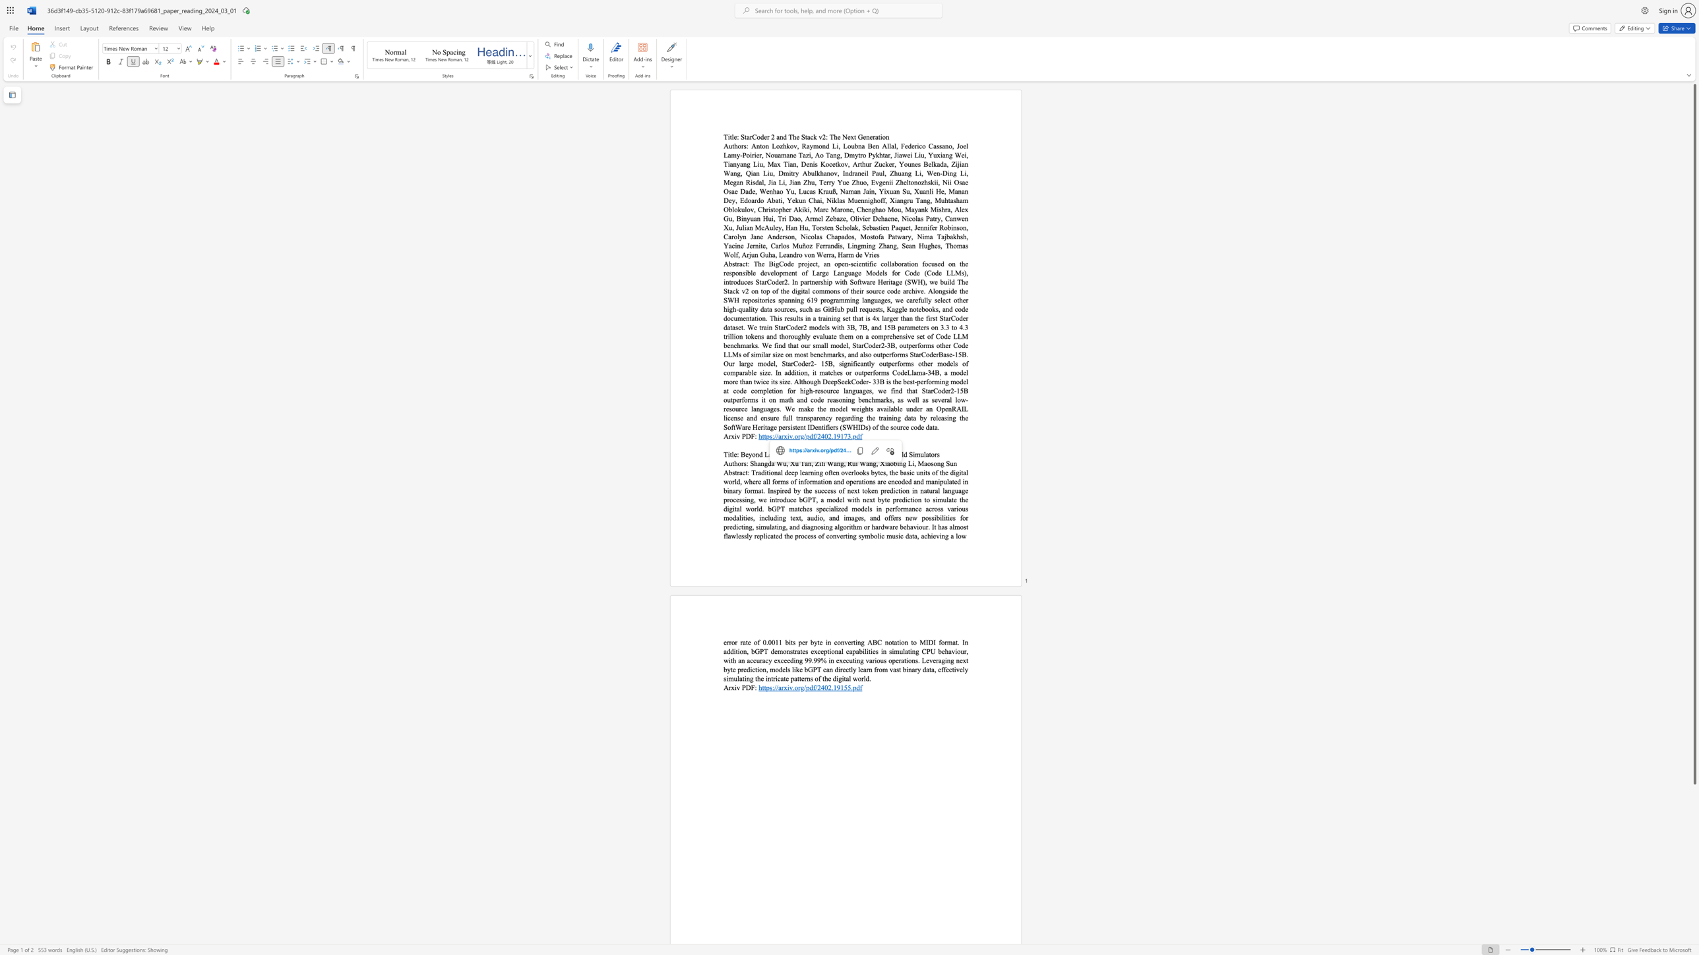 This screenshot has width=1699, height=955. Describe the element at coordinates (762, 463) in the screenshot. I see `the 1th character "n" in the text` at that location.